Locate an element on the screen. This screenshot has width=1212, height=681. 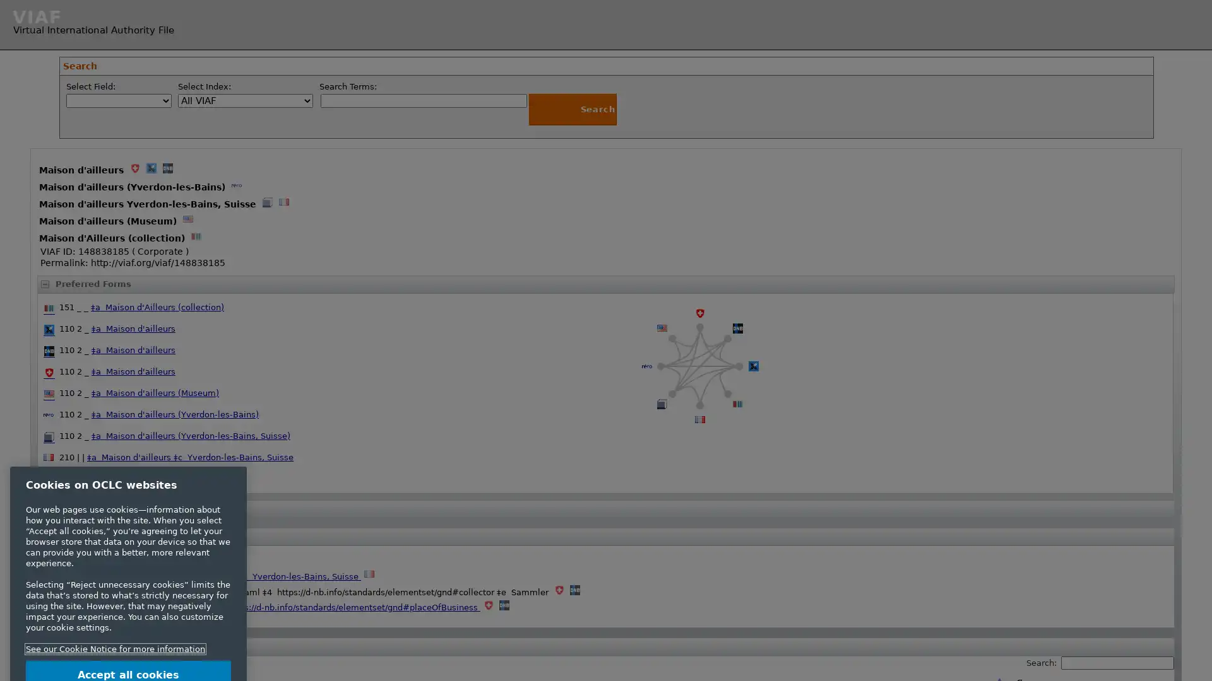
Customize cookie settings is located at coordinates (128, 632).